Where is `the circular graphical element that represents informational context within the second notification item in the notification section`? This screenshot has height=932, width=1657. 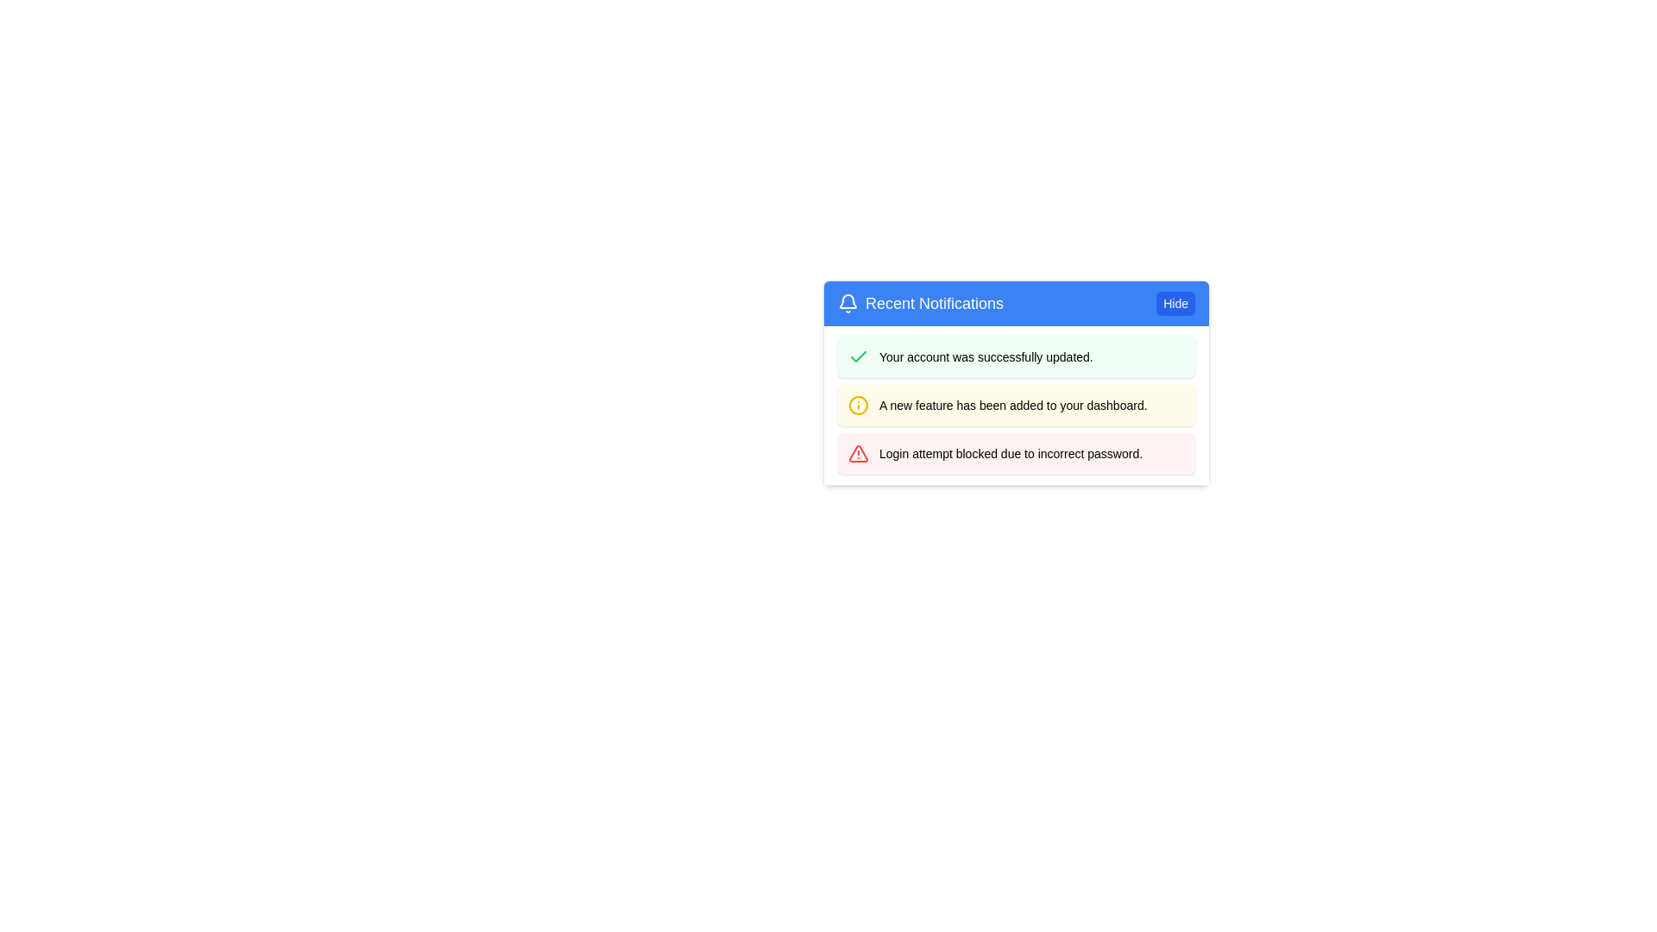
the circular graphical element that represents informational context within the second notification item in the notification section is located at coordinates (858, 406).